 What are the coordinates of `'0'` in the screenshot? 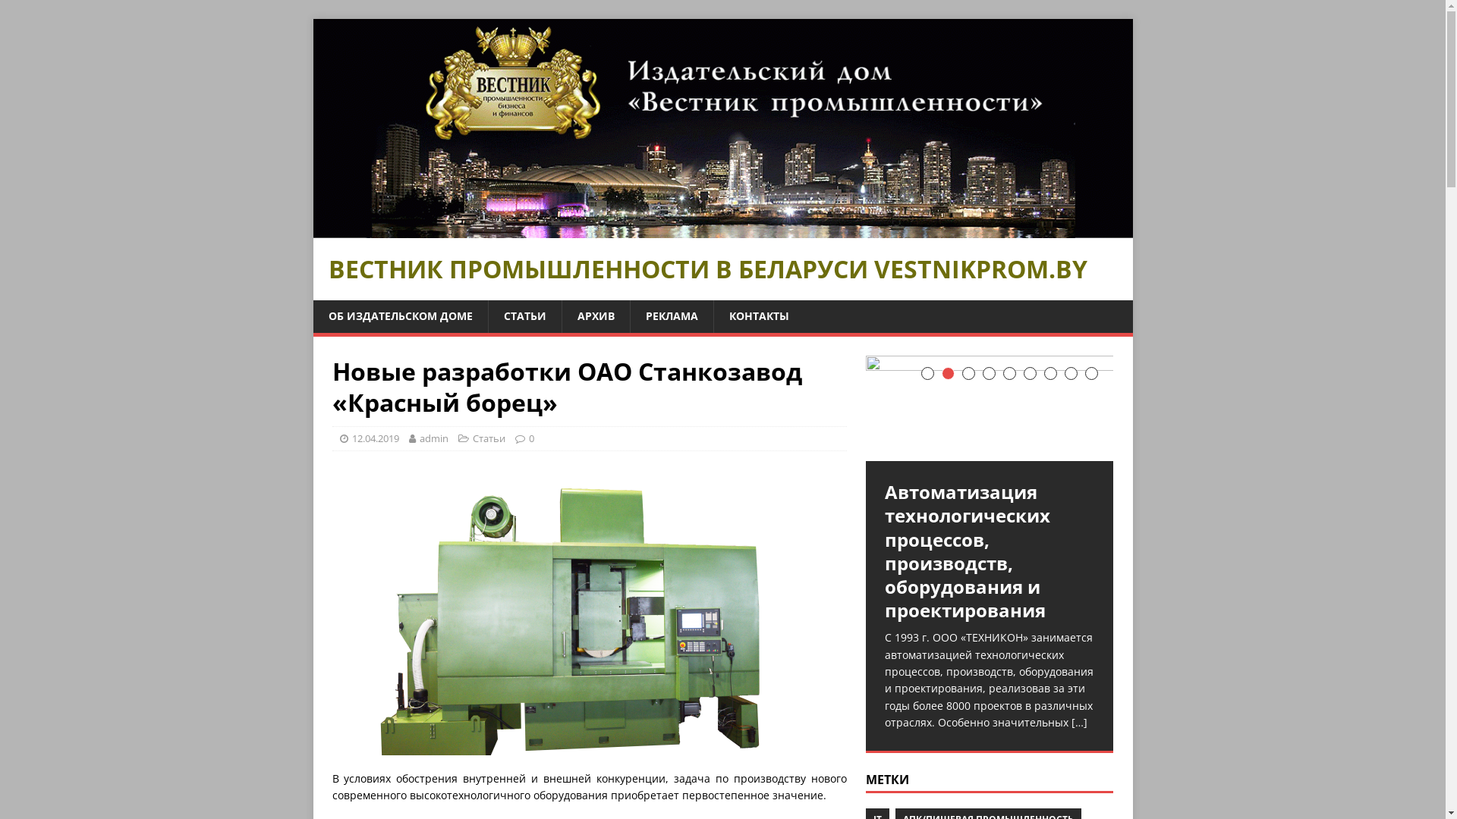 It's located at (530, 438).